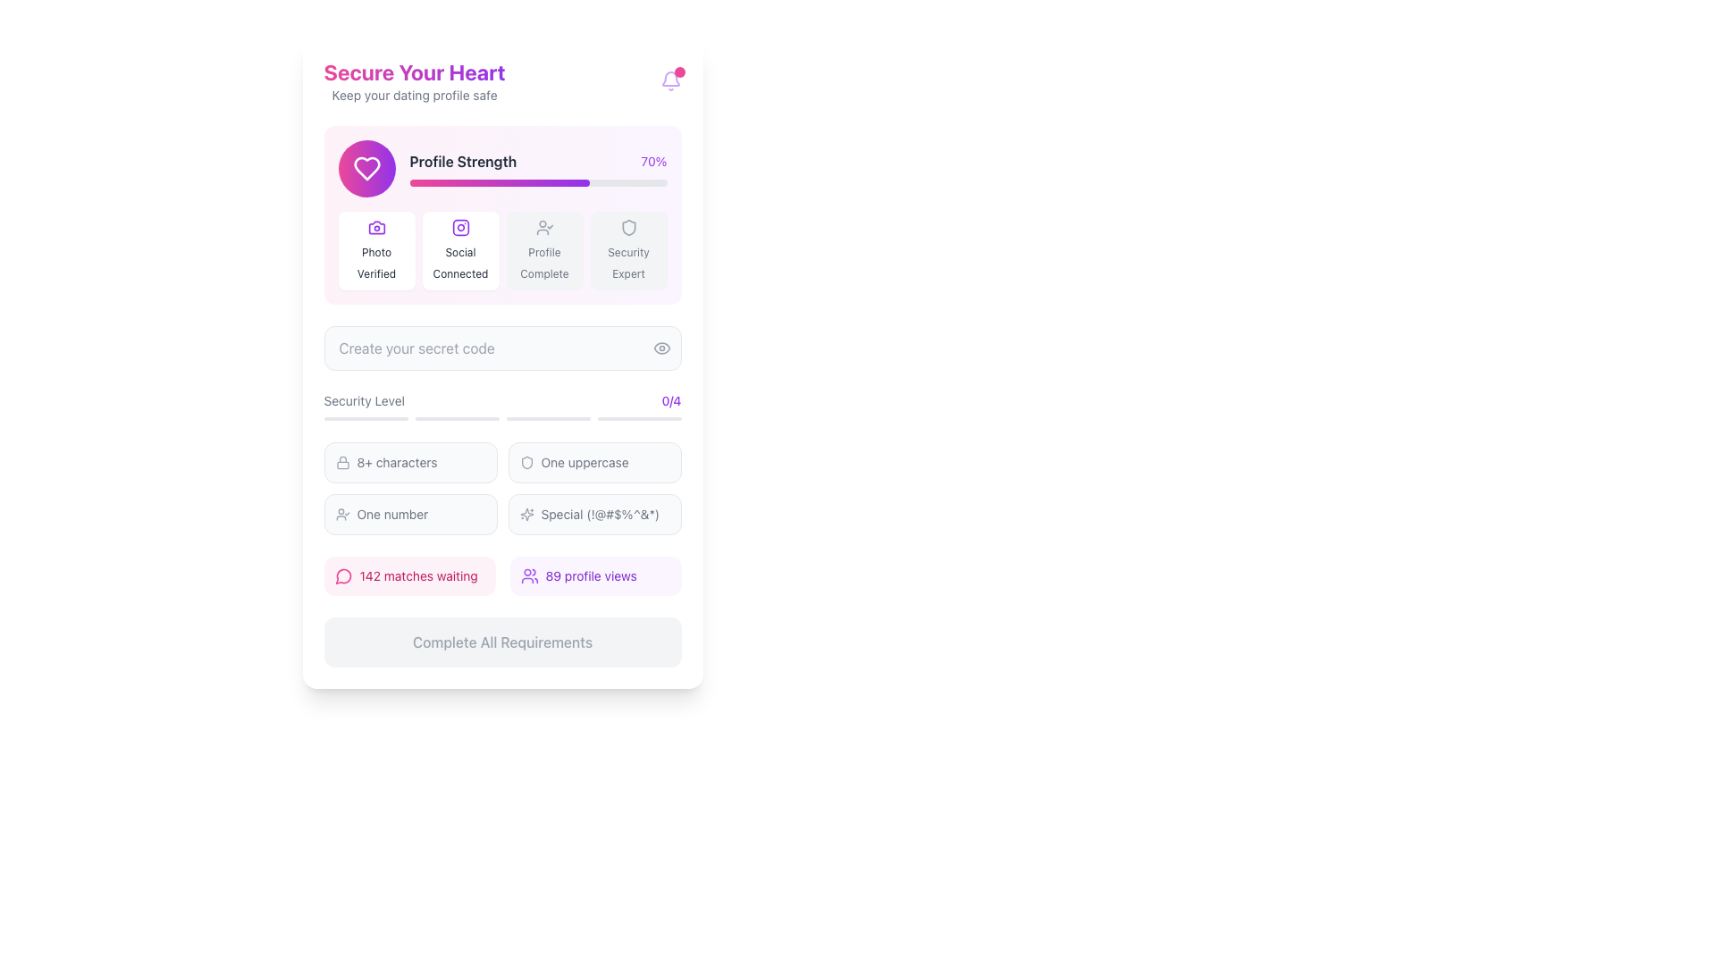 The image size is (1716, 965). I want to click on the Header element that displays 'Secure Your Heart' and 'Keep your dating profile safe', located at the top-left section of the interface, so click(414, 81).